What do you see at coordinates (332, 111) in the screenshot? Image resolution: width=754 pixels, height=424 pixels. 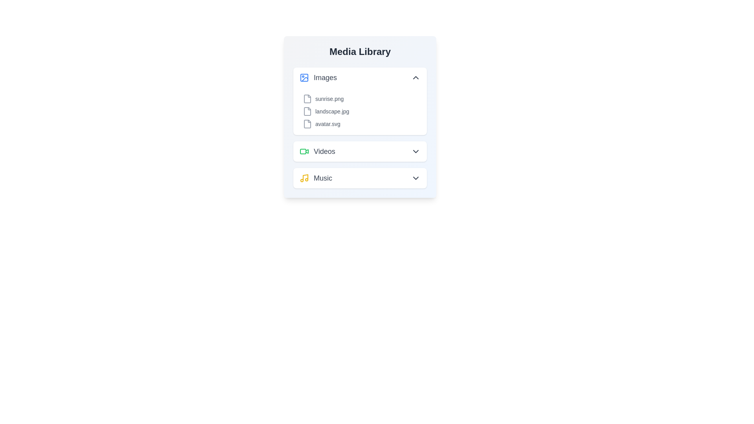 I see `the text label for the file 'landscape.jpg' located in the 'Images' section of the media library` at bounding box center [332, 111].